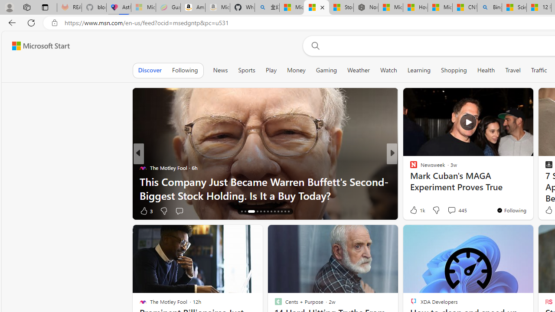 The height and width of the screenshot is (312, 555). I want to click on 'View comments 38 Comment', so click(451, 211).